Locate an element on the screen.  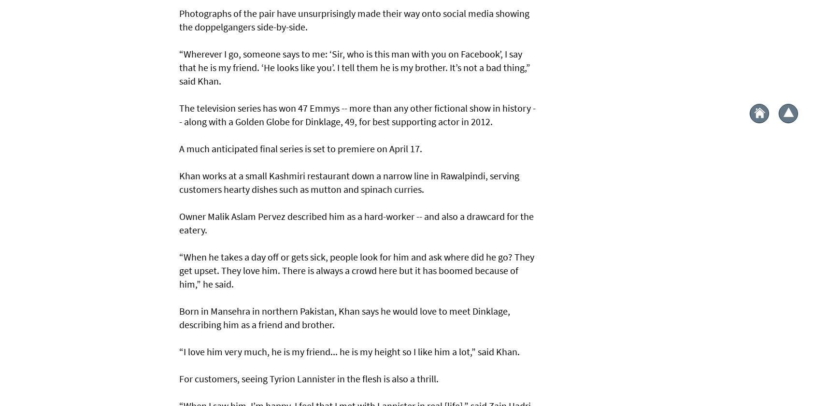
'Born in Mansehra in northern Pakistan, Khan says he would love to meet Dinklage, describing him as a friend and brother.' is located at coordinates (344, 317).